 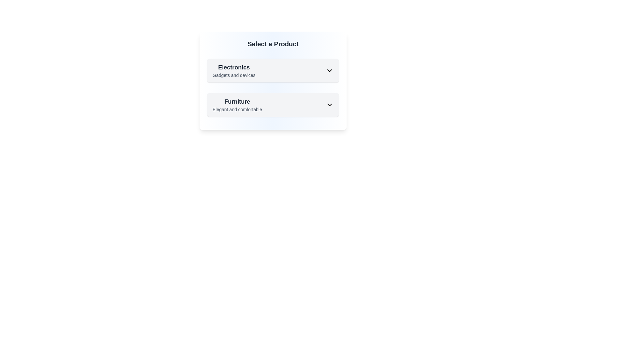 I want to click on the downward-facing chevron icon, so click(x=330, y=70).